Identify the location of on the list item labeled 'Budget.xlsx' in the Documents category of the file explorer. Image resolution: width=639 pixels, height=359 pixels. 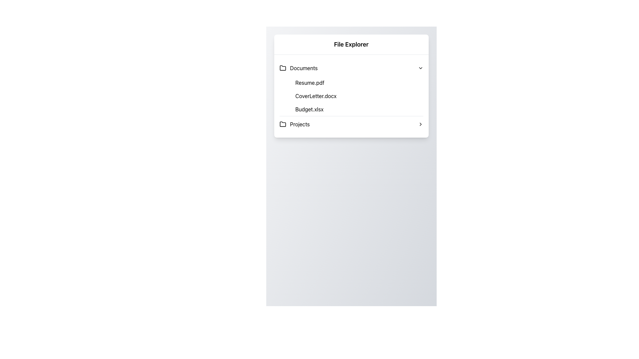
(356, 109).